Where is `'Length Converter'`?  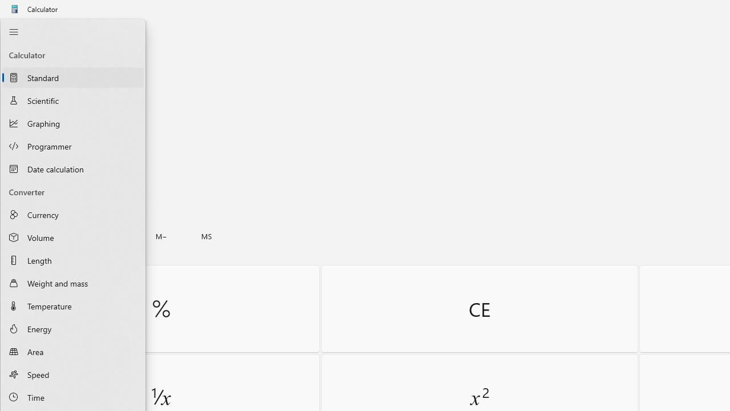 'Length Converter' is located at coordinates (72, 260).